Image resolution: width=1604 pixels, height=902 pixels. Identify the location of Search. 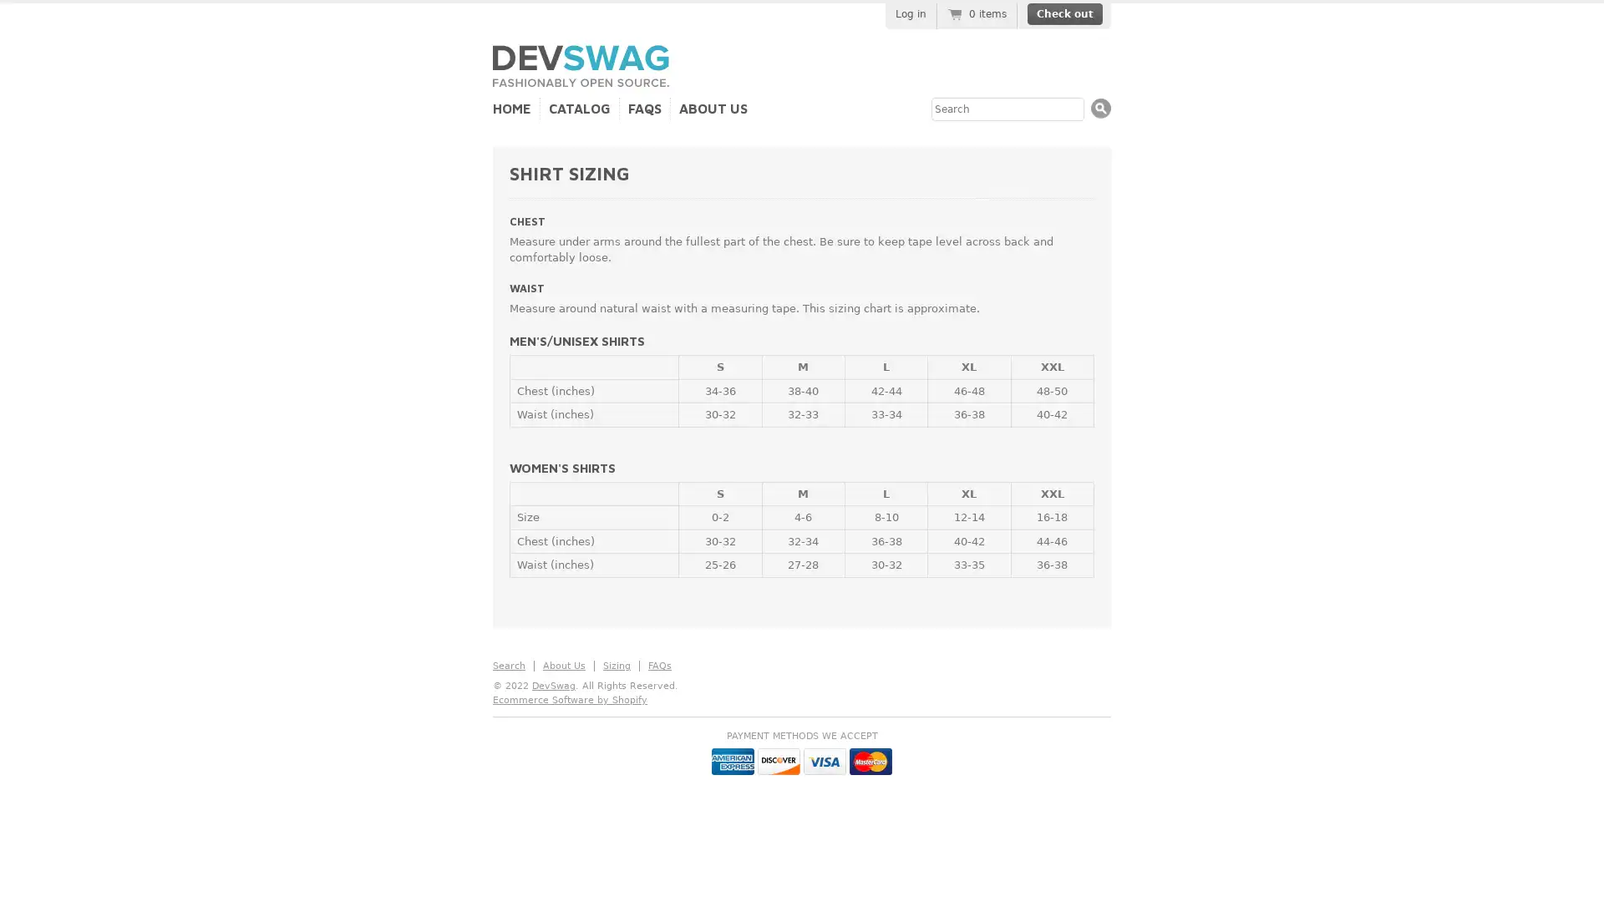
(1101, 108).